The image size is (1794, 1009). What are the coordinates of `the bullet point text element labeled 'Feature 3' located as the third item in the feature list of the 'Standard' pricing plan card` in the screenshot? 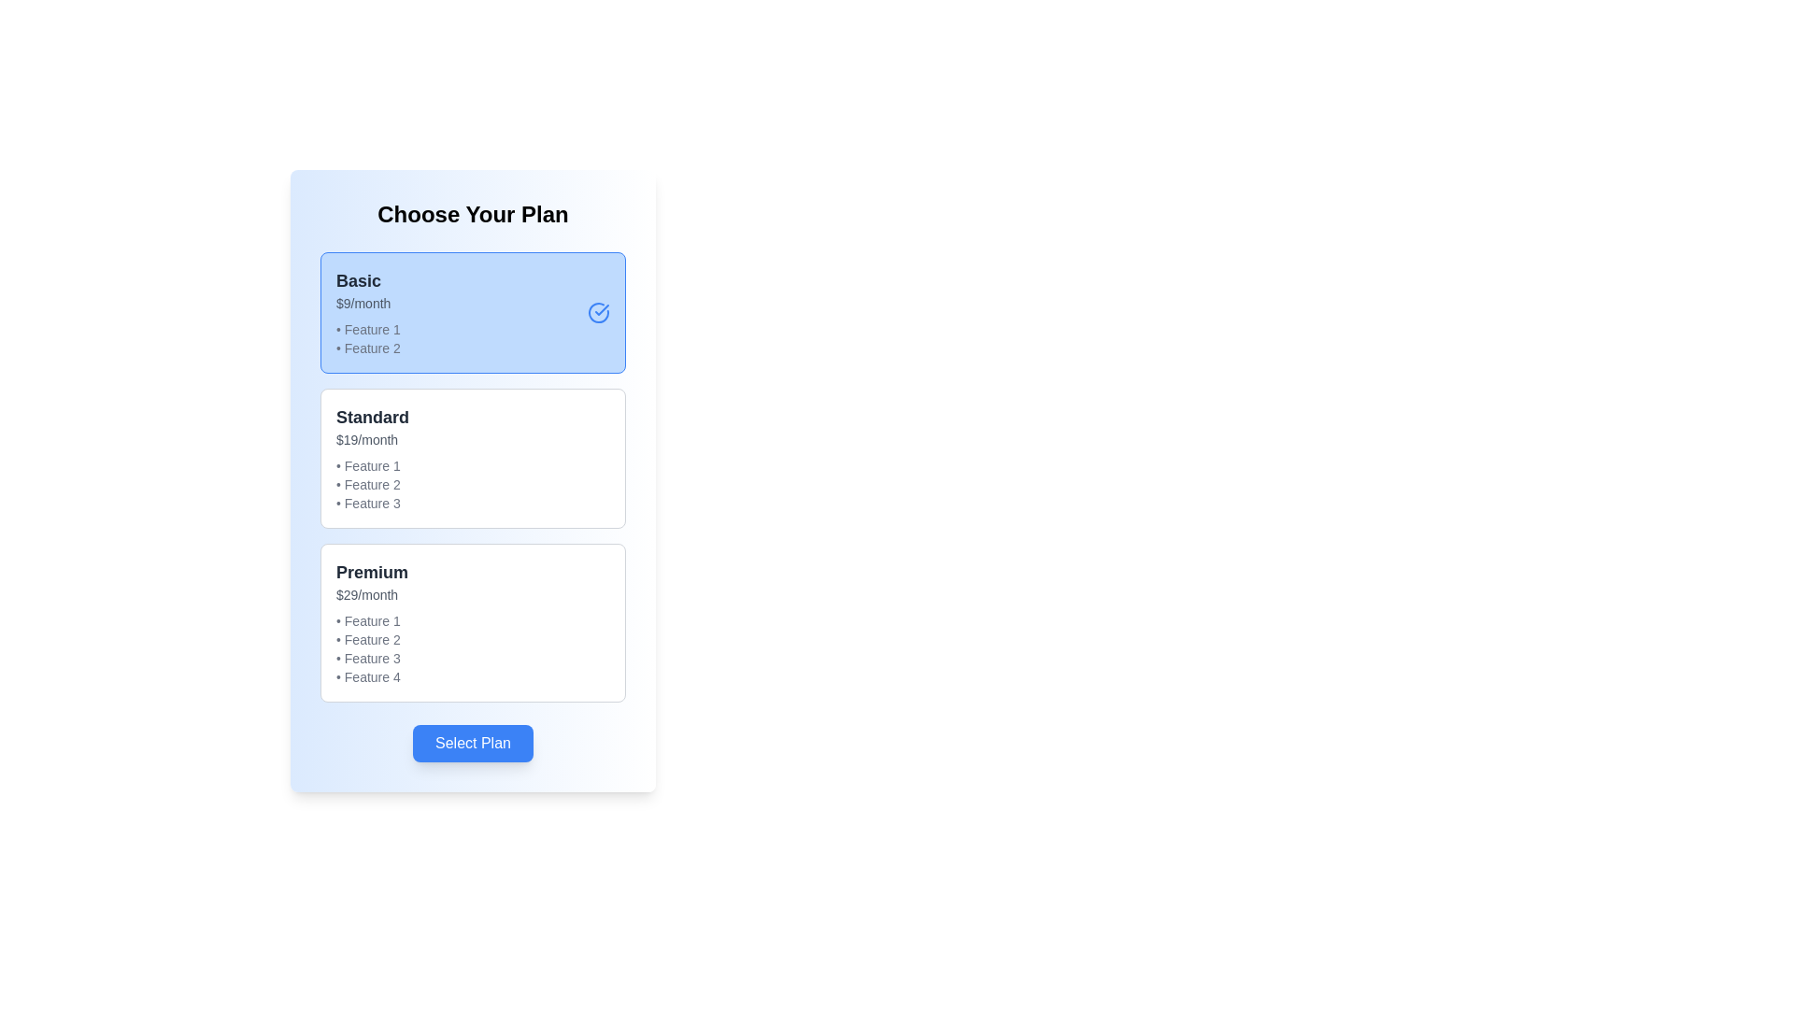 It's located at (372, 503).